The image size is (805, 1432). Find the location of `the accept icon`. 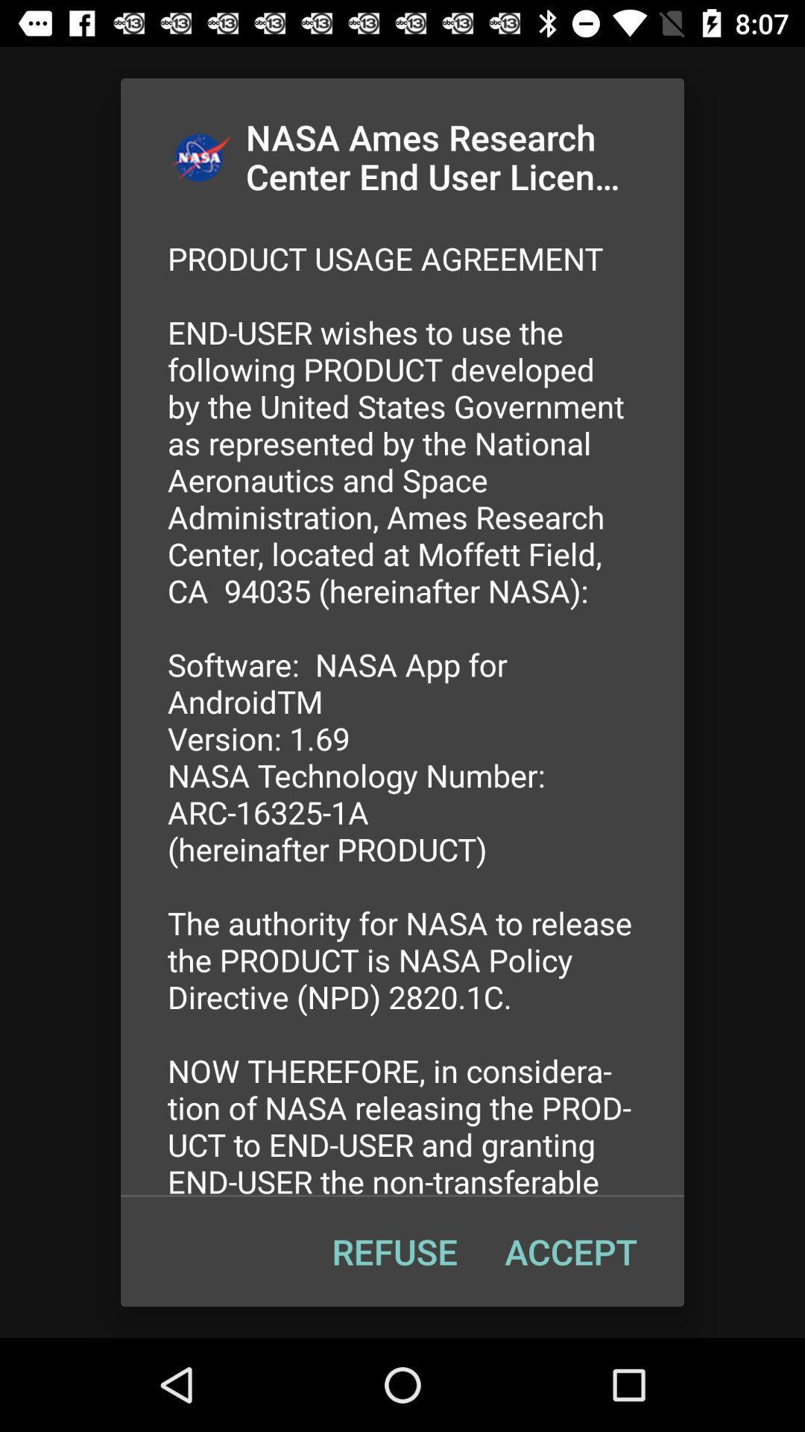

the accept icon is located at coordinates (570, 1252).